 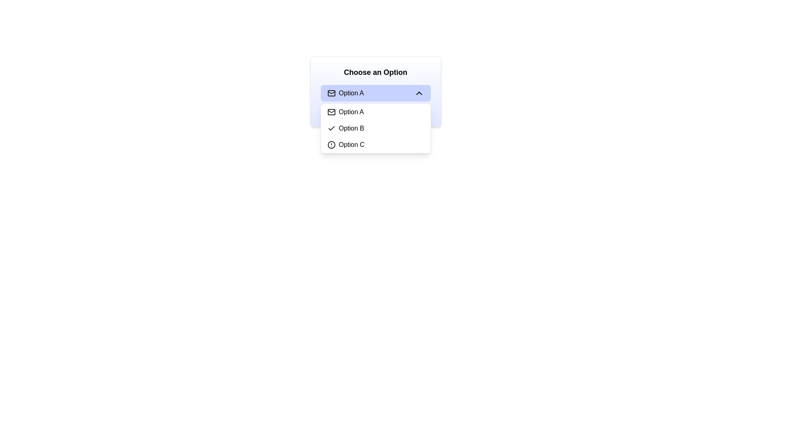 What do you see at coordinates (375, 91) in the screenshot?
I see `the dropdown menu titled 'Choose an Option'` at bounding box center [375, 91].